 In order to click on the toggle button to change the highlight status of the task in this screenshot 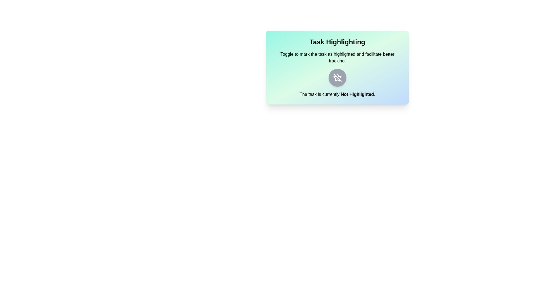, I will do `click(337, 77)`.